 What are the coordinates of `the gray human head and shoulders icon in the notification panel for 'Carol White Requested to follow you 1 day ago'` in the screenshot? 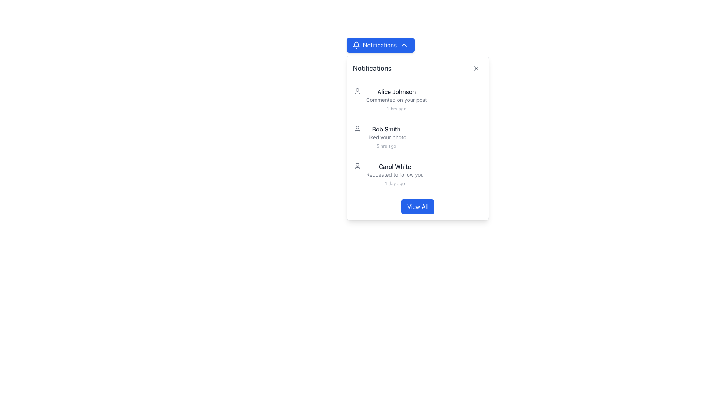 It's located at (357, 167).